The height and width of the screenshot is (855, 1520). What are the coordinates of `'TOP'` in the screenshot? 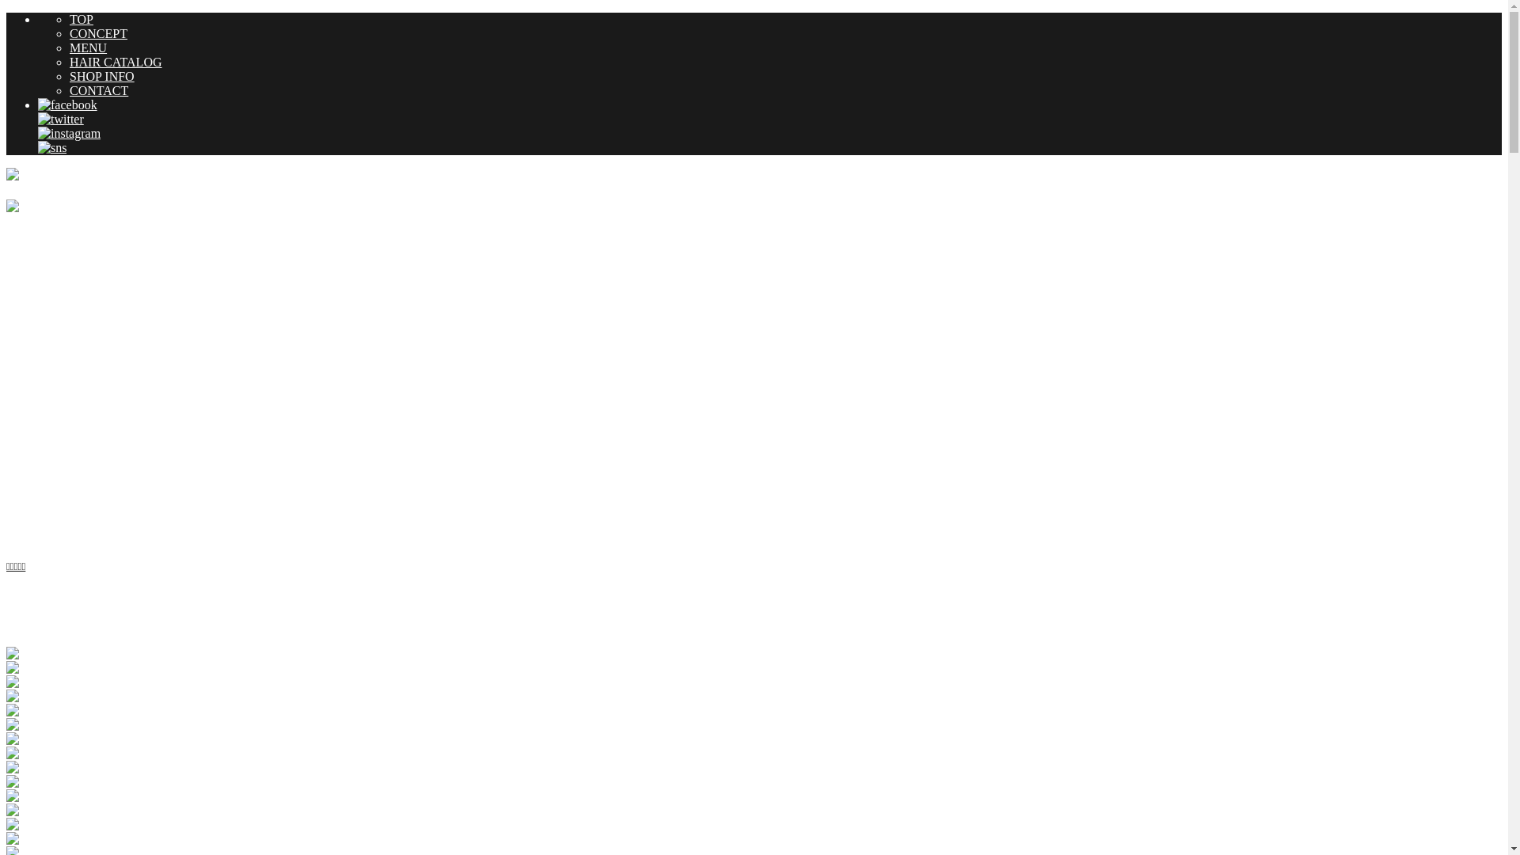 It's located at (68, 19).